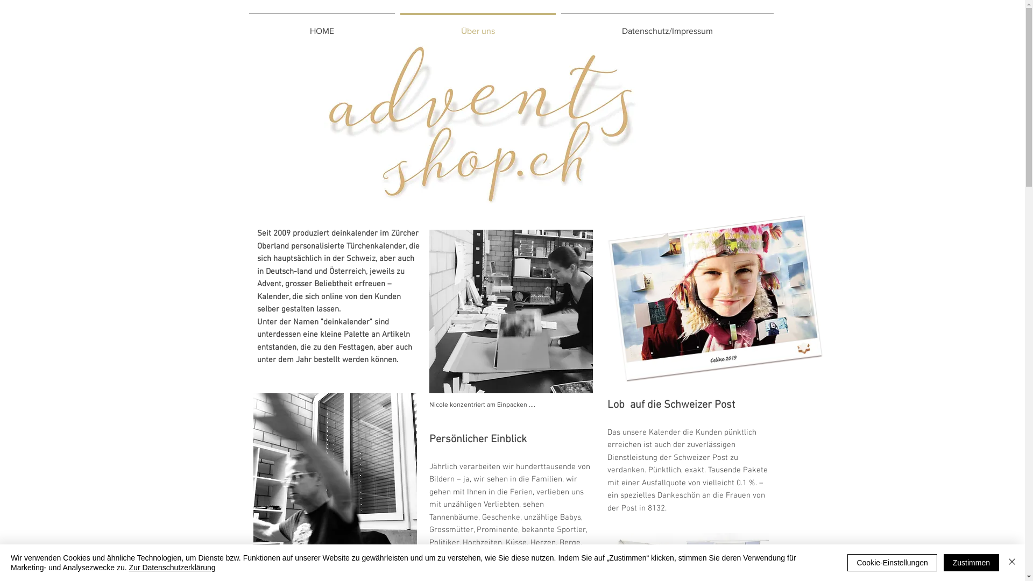  I want to click on 'HOME', so click(321, 26).